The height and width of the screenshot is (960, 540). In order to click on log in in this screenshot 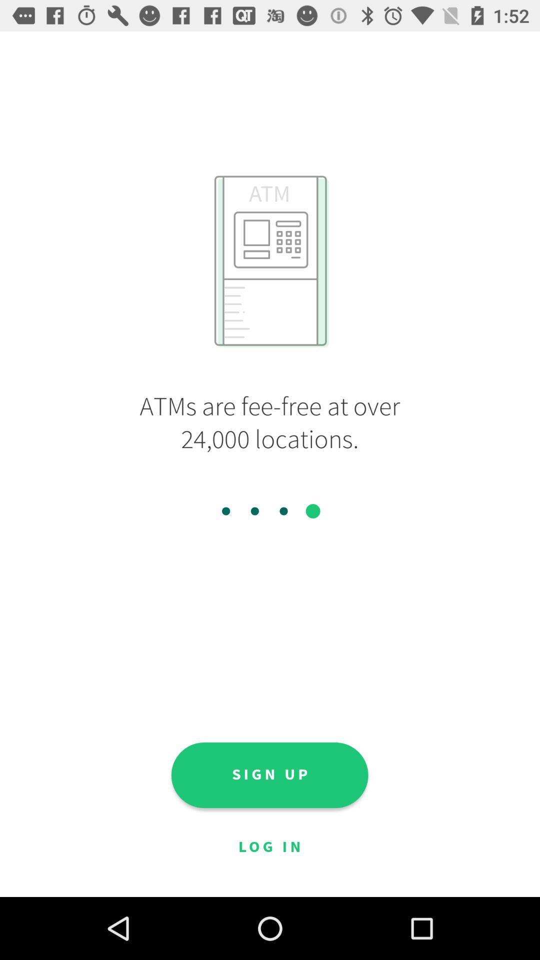, I will do `click(269, 847)`.